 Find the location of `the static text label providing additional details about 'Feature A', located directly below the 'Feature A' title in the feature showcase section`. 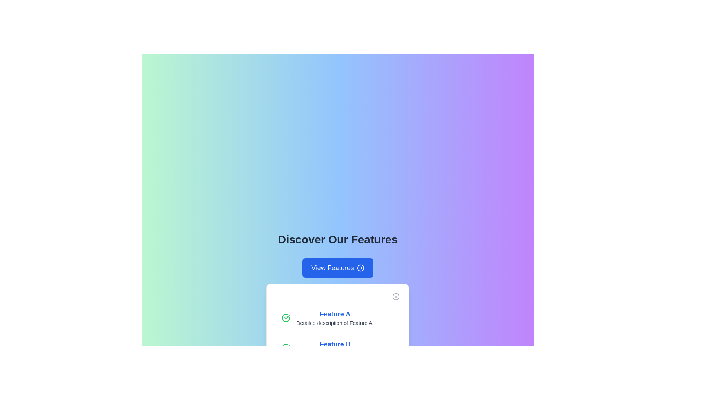

the static text label providing additional details about 'Feature A', located directly below the 'Feature A' title in the feature showcase section is located at coordinates (335, 322).